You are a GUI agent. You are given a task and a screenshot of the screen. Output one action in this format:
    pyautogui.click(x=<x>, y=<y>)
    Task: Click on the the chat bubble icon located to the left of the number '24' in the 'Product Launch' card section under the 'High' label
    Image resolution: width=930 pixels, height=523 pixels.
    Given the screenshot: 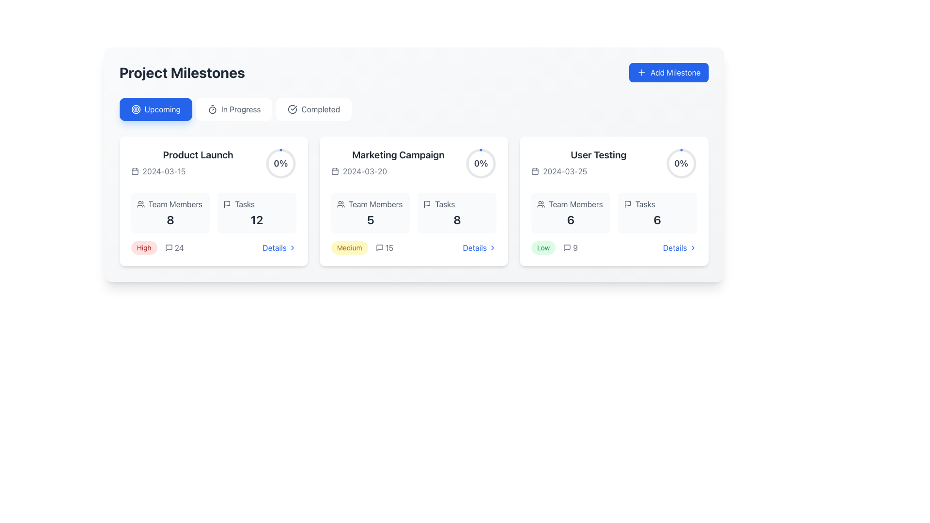 What is the action you would take?
    pyautogui.click(x=169, y=247)
    